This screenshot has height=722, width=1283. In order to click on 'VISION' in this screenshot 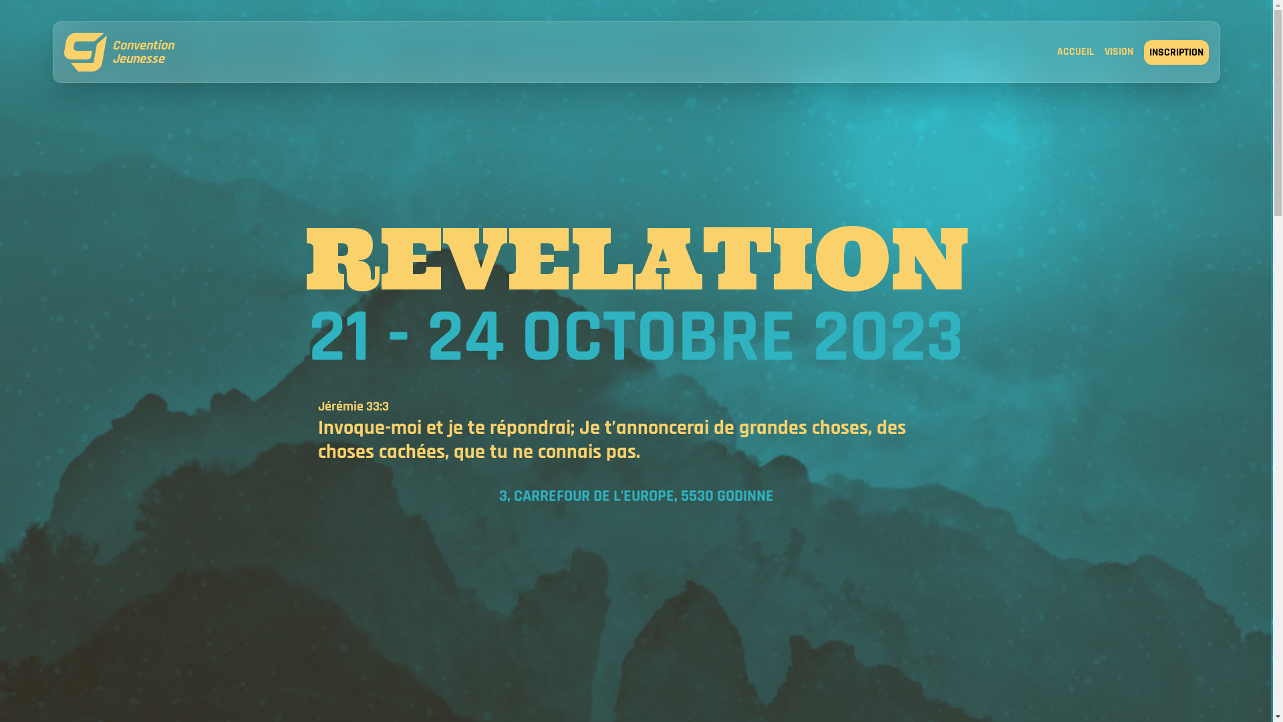, I will do `click(1119, 52)`.